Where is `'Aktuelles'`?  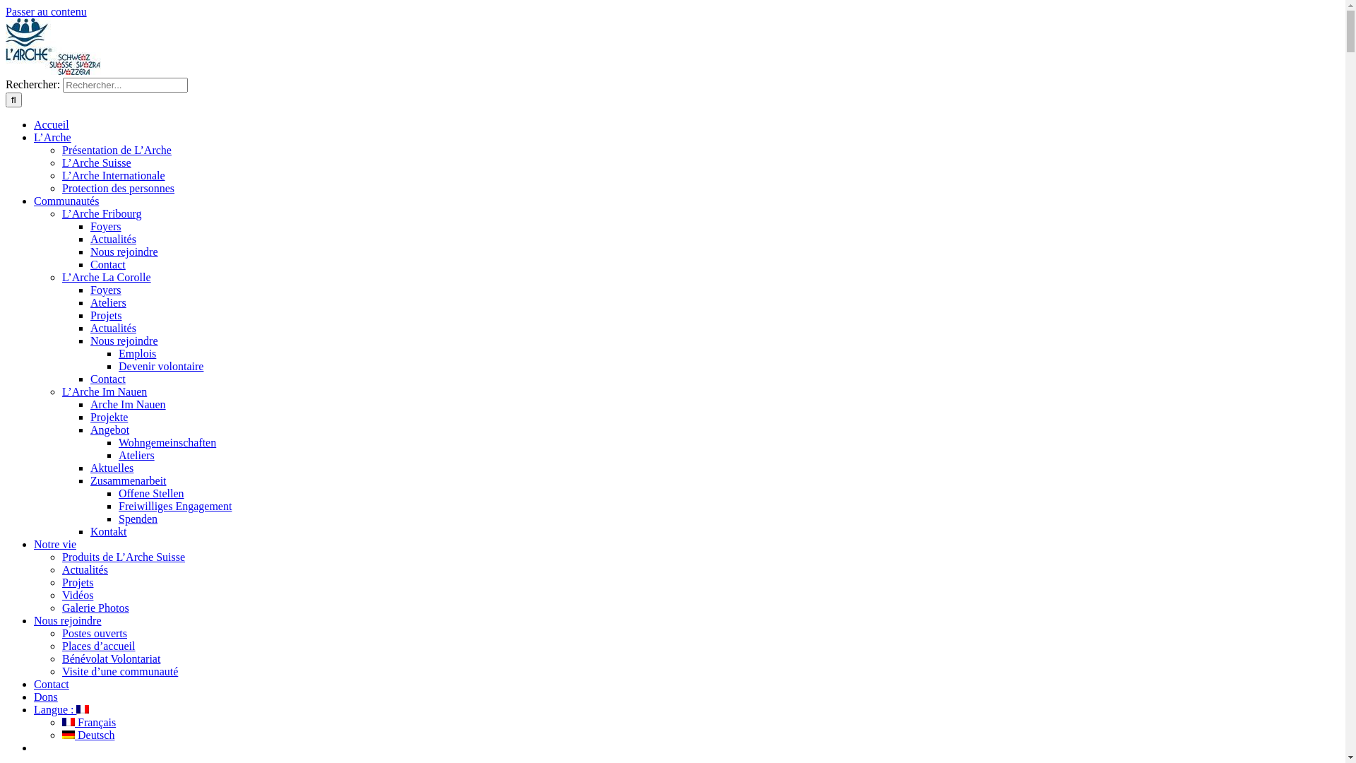
'Aktuelles' is located at coordinates (90, 468).